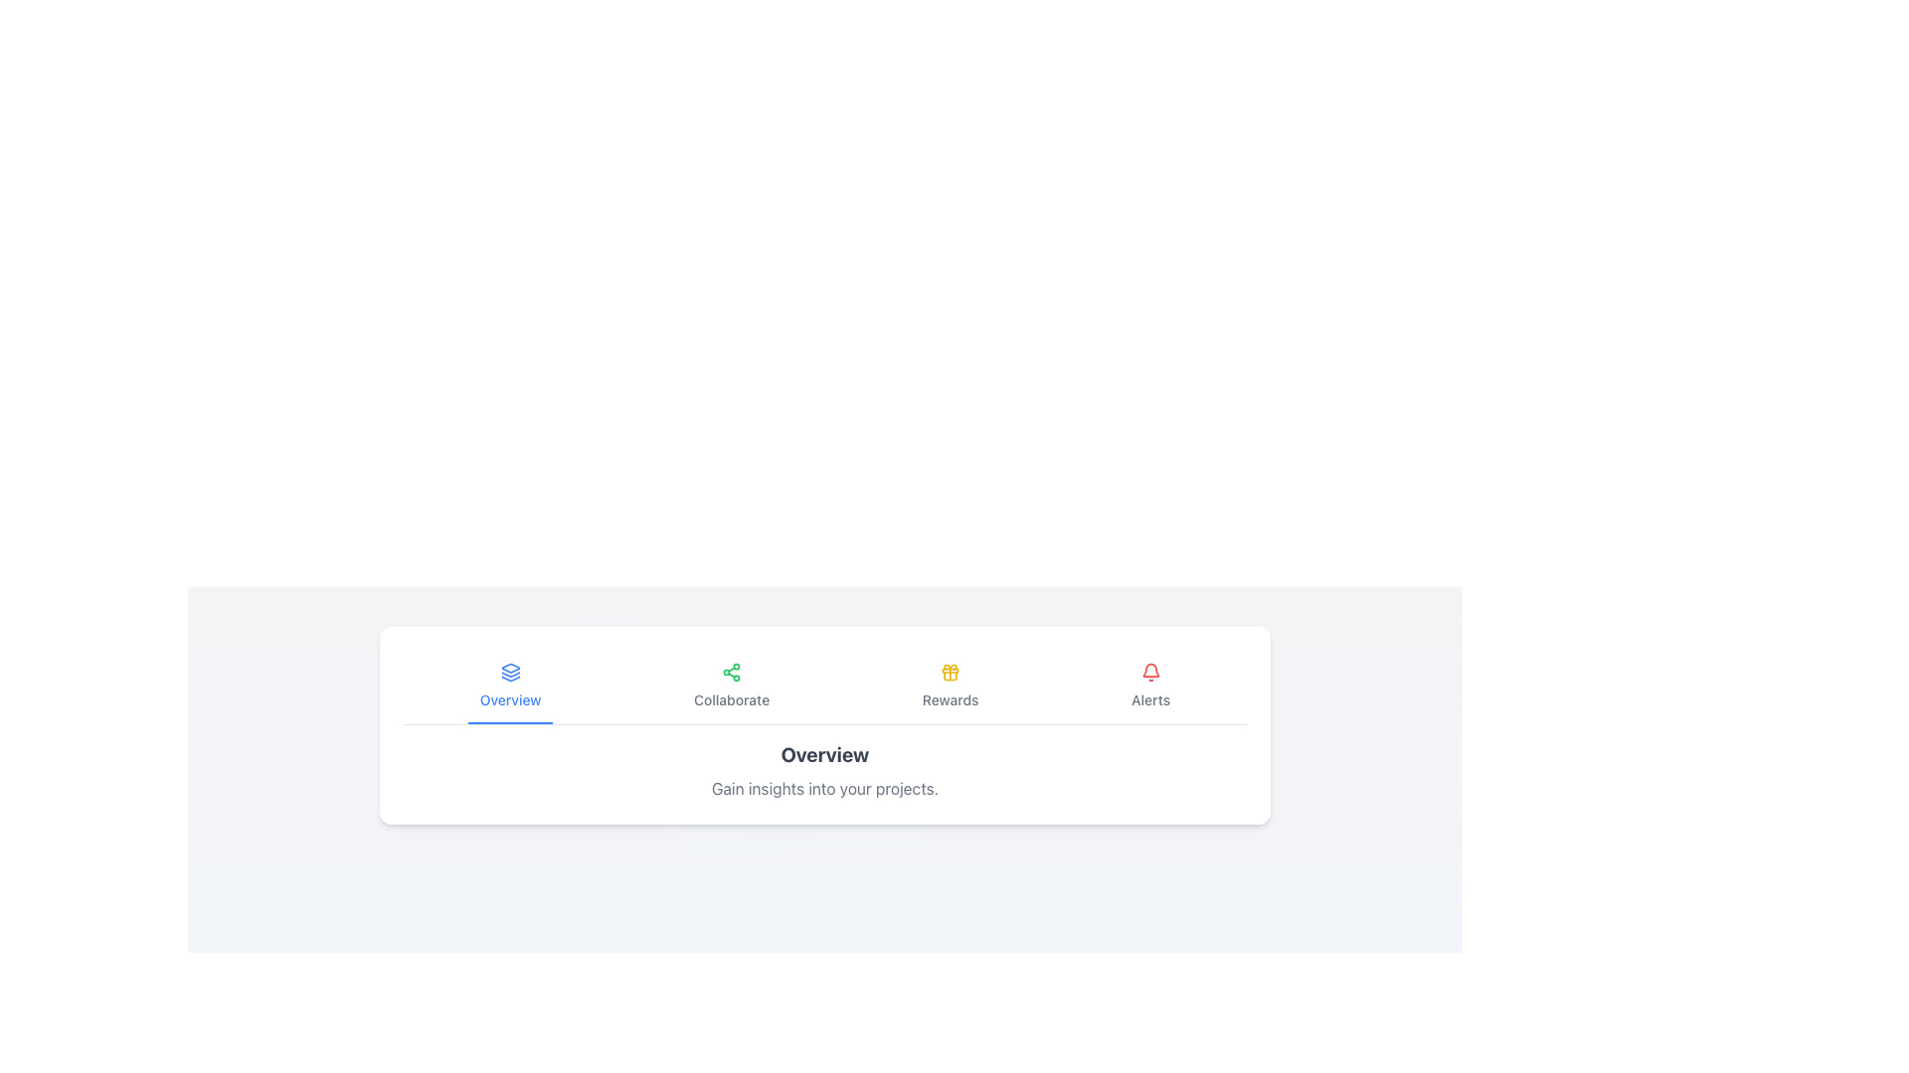 The height and width of the screenshot is (1073, 1909). Describe the element at coordinates (1150, 686) in the screenshot. I see `the fourth navigation button labeled 'Alerts' in the top navigation panel` at that location.